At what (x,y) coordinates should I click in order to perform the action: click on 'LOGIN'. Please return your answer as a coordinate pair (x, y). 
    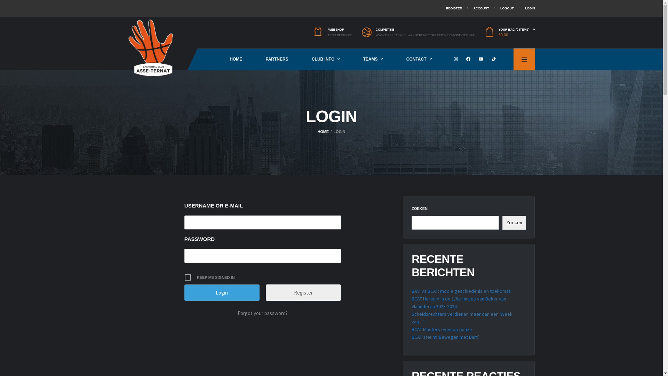
    Looking at the image, I should click on (530, 8).